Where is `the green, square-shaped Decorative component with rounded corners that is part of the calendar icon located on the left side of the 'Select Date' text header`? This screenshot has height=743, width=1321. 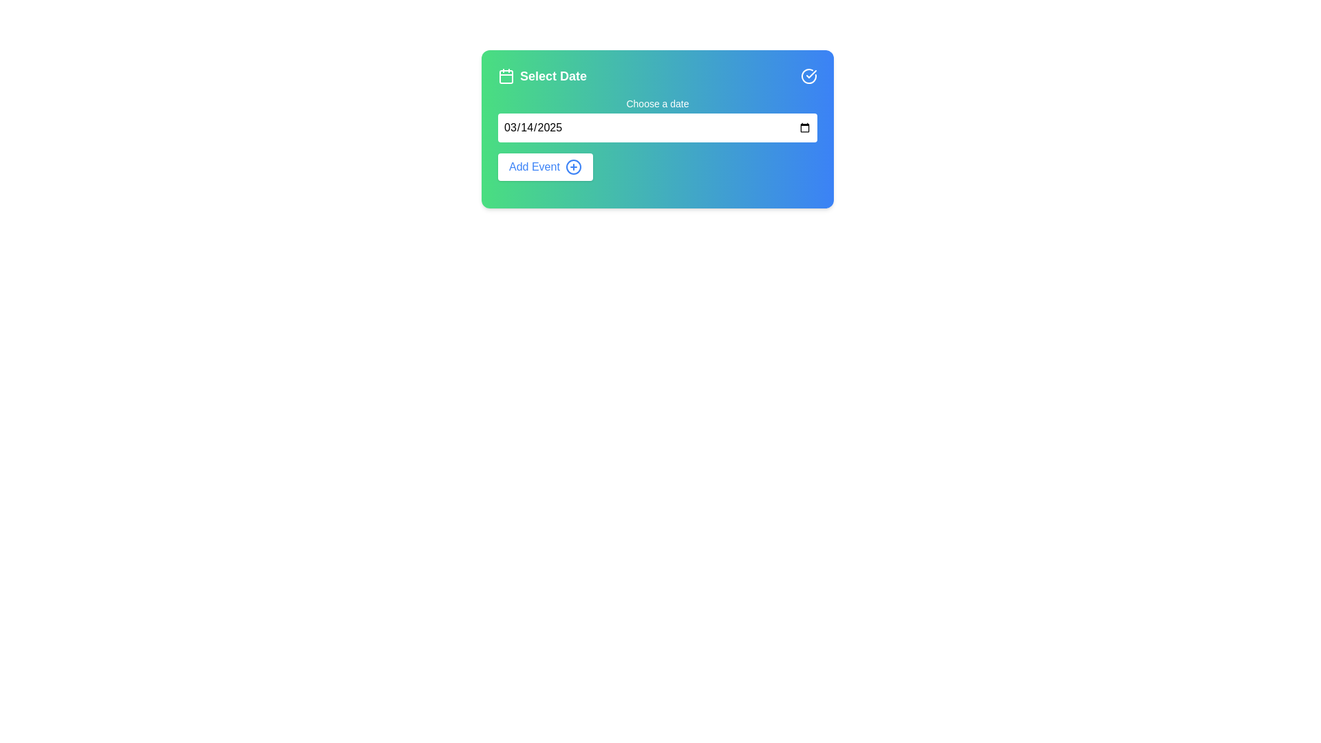
the green, square-shaped Decorative component with rounded corners that is part of the calendar icon located on the left side of the 'Select Date' text header is located at coordinates (505, 76).